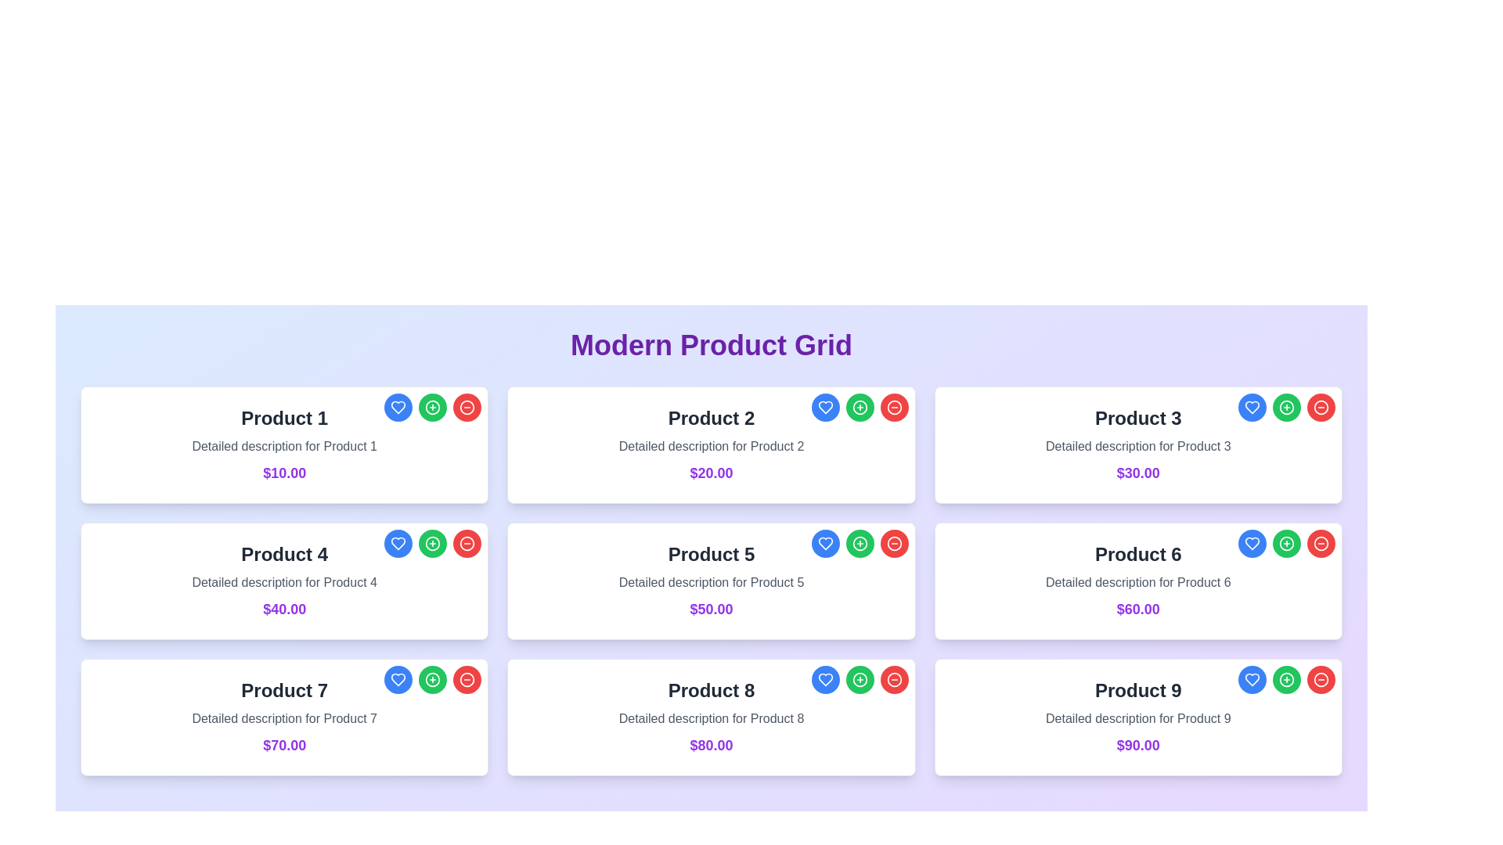  Describe the element at coordinates (710, 744) in the screenshot. I see `the Text label displaying the price of 'Product 8' located within the product card, below the description text and centrally aligned` at that location.